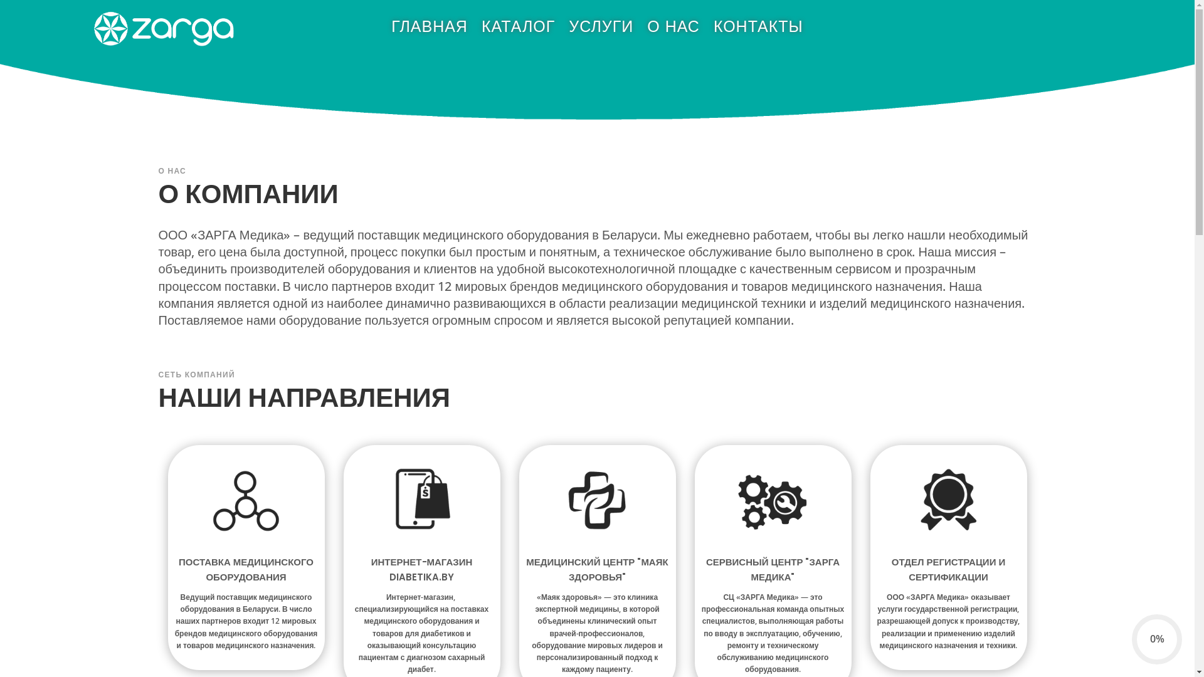  I want to click on 'Zarga Logo White', so click(162, 28).